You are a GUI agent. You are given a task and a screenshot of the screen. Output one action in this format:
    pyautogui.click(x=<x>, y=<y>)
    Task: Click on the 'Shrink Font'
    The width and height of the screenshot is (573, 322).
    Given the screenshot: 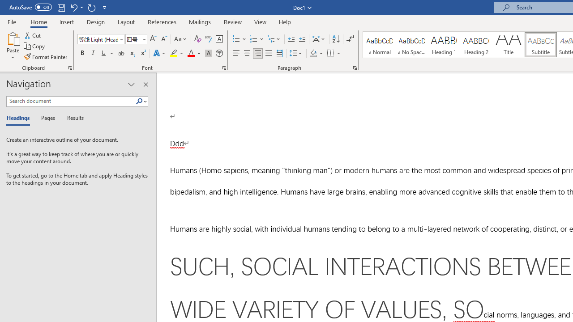 What is the action you would take?
    pyautogui.click(x=164, y=38)
    